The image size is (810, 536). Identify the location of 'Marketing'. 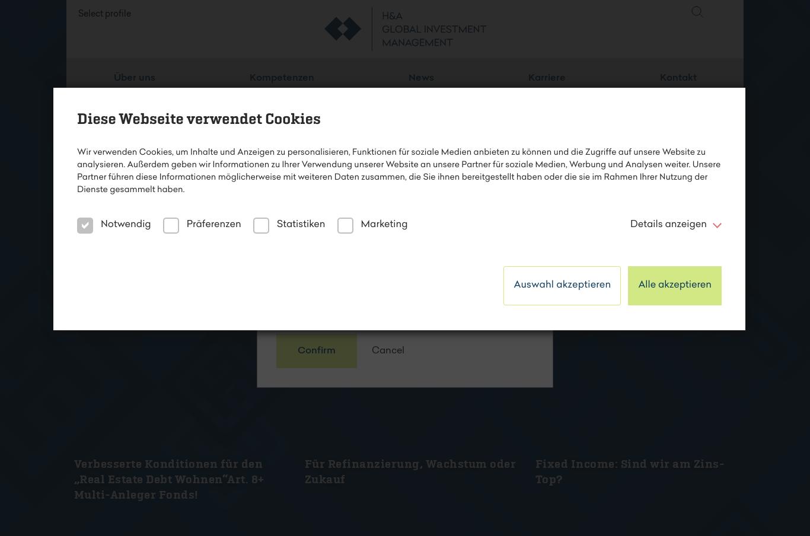
(383, 224).